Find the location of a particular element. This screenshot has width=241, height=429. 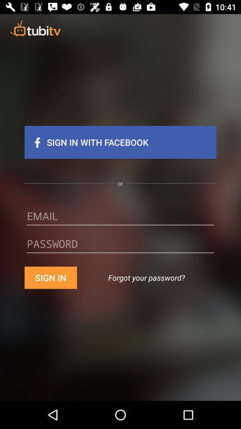

item next to the sign in is located at coordinates (146, 277).